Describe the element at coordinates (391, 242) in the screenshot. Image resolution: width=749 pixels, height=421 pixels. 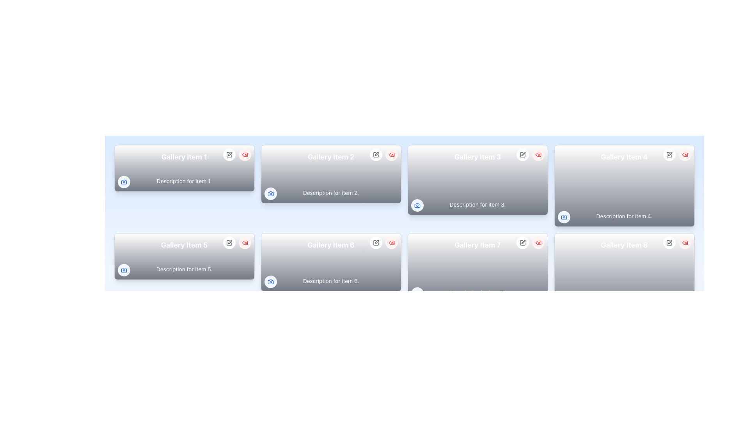
I see `the delete button located in the upper-right corner of the sixth card in the grid layout` at that location.